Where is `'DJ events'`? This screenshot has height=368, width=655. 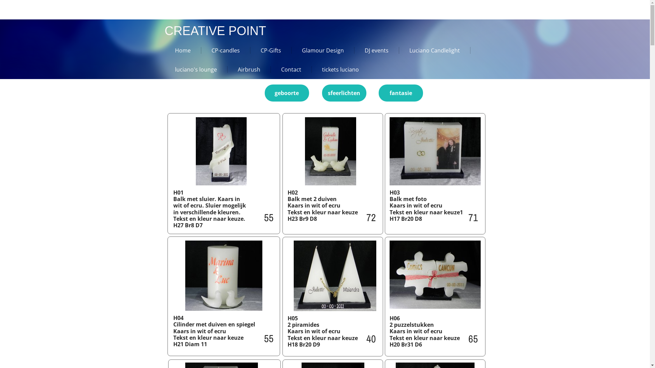
'DJ events' is located at coordinates (371, 50).